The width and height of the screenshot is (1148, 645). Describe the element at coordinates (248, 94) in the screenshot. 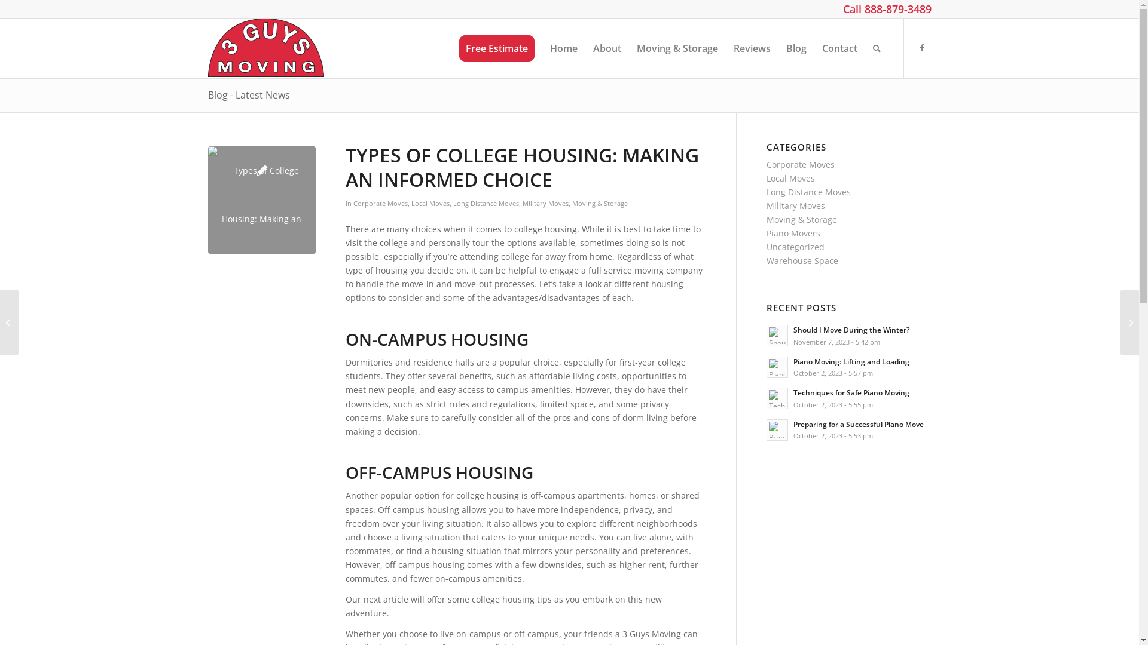

I see `'Blog - Latest News'` at that location.